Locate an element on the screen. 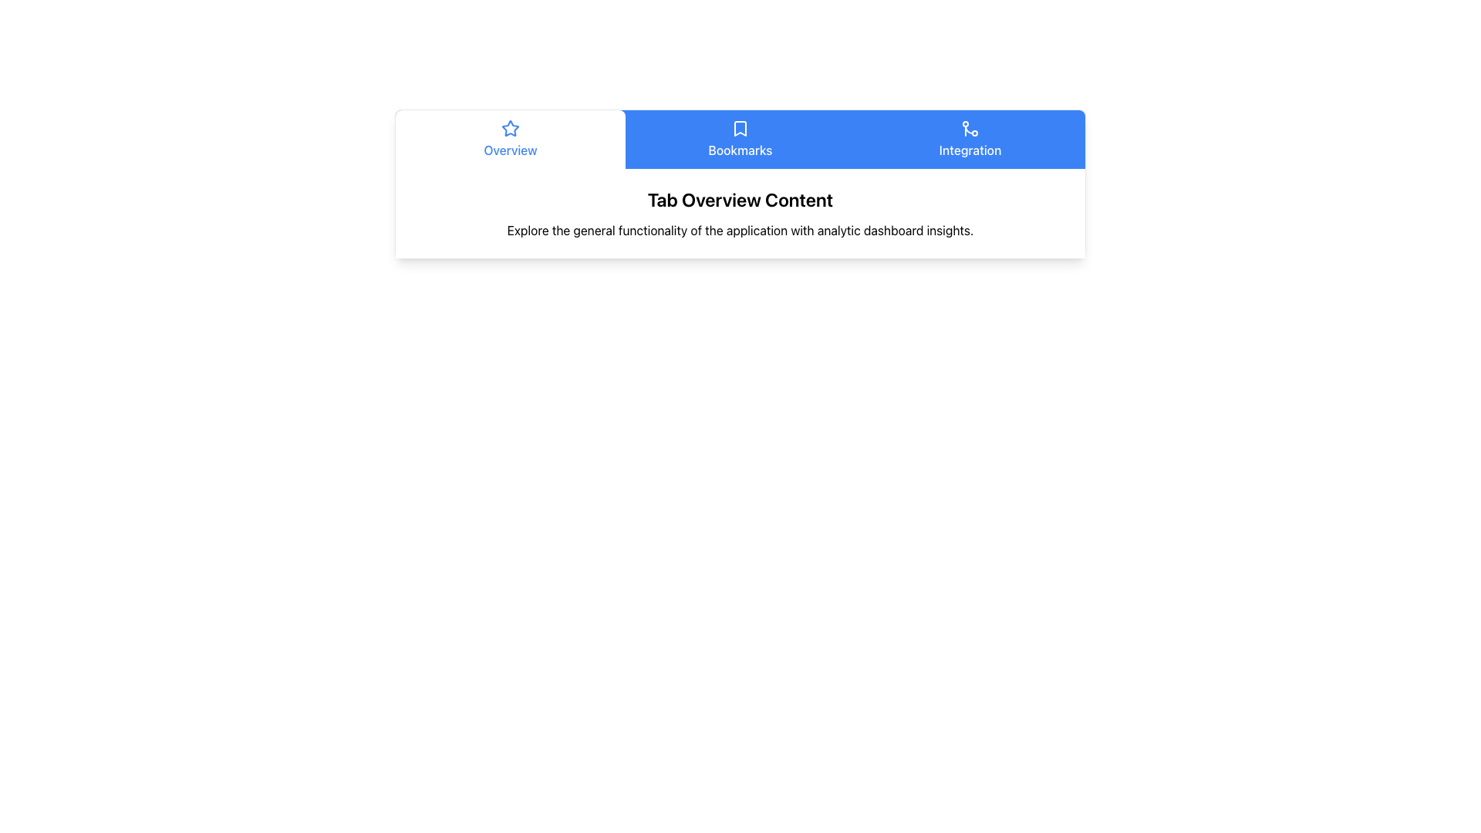  'Integration' tab icon located in the horizontal navigation bar, positioned to the left of the text 'Integration' is located at coordinates (969, 127).